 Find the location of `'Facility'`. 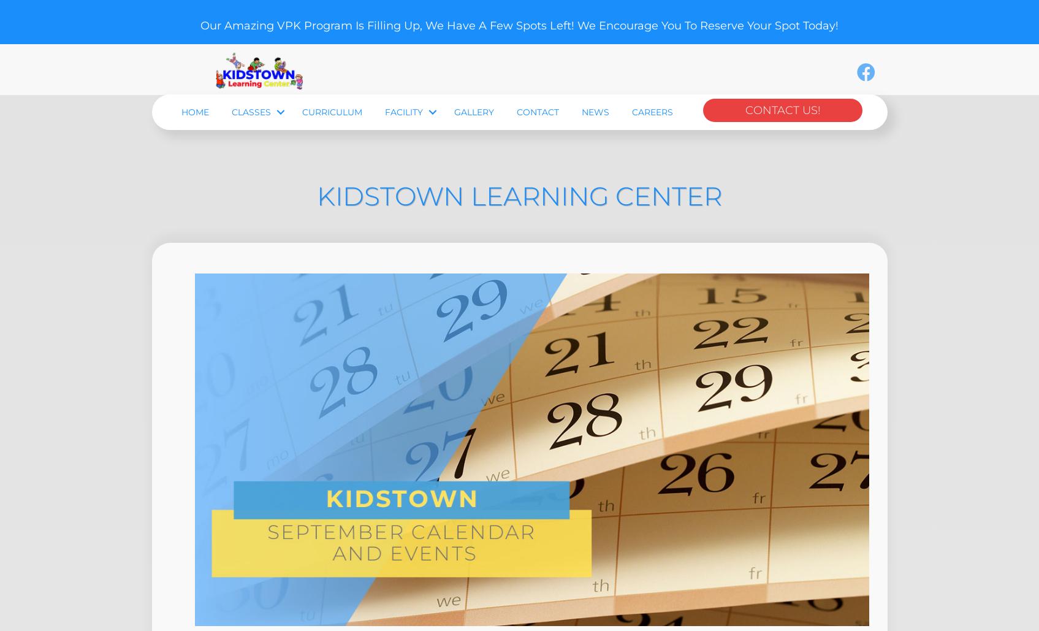

'Facility' is located at coordinates (384, 182).